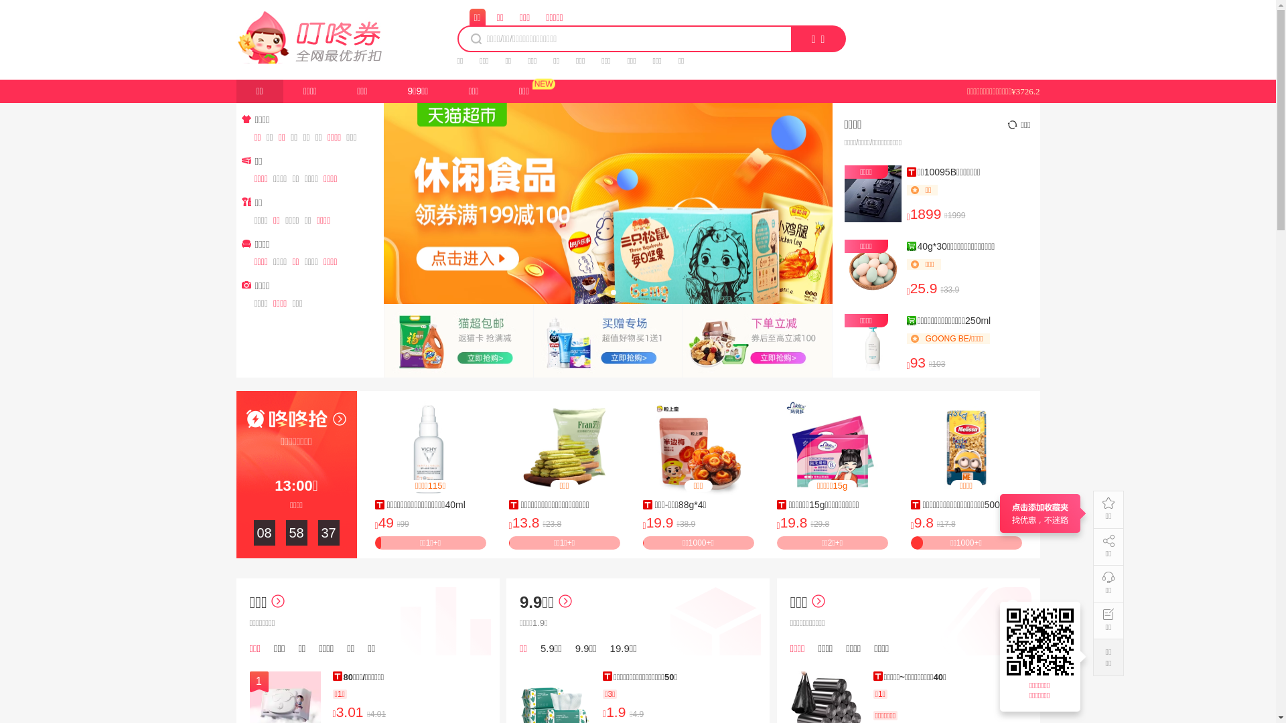  I want to click on 'https://www.200386.com', so click(1041, 641).